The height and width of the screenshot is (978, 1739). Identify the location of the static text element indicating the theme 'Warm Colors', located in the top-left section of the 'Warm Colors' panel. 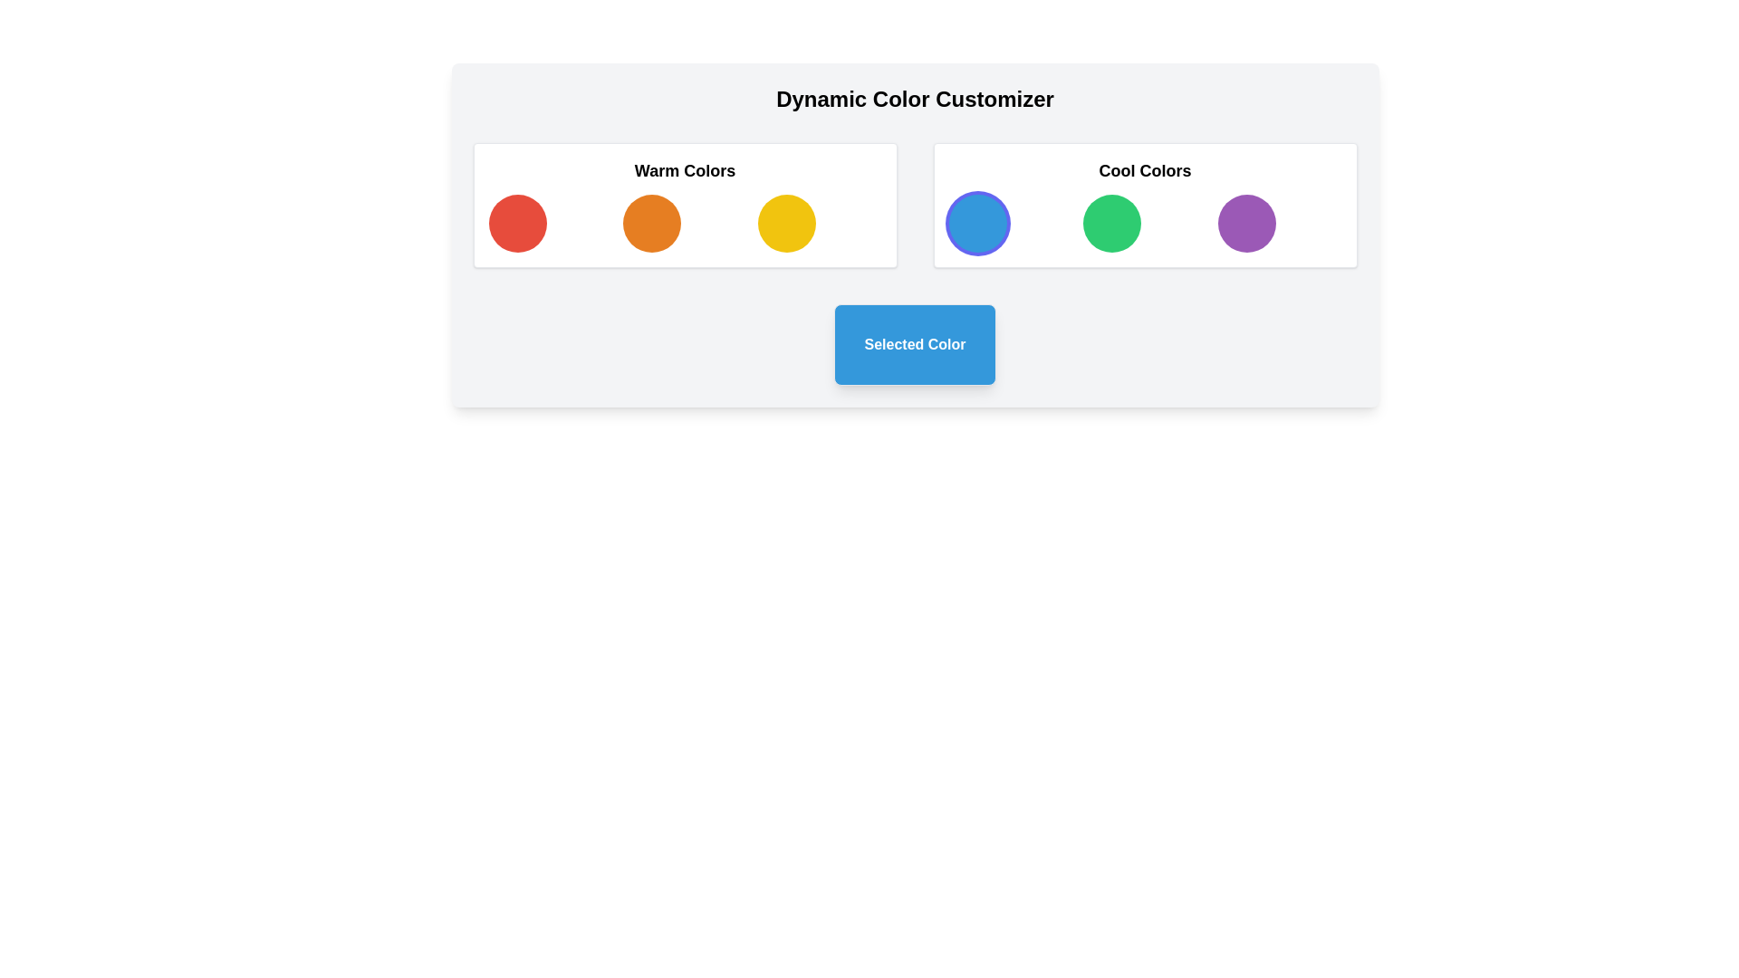
(684, 171).